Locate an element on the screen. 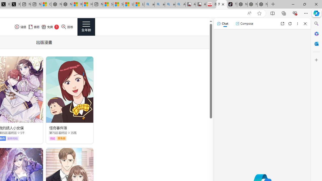 This screenshot has width=322, height=181. 'Amazon Echo Robot - Search Images' is located at coordinates (180, 4).